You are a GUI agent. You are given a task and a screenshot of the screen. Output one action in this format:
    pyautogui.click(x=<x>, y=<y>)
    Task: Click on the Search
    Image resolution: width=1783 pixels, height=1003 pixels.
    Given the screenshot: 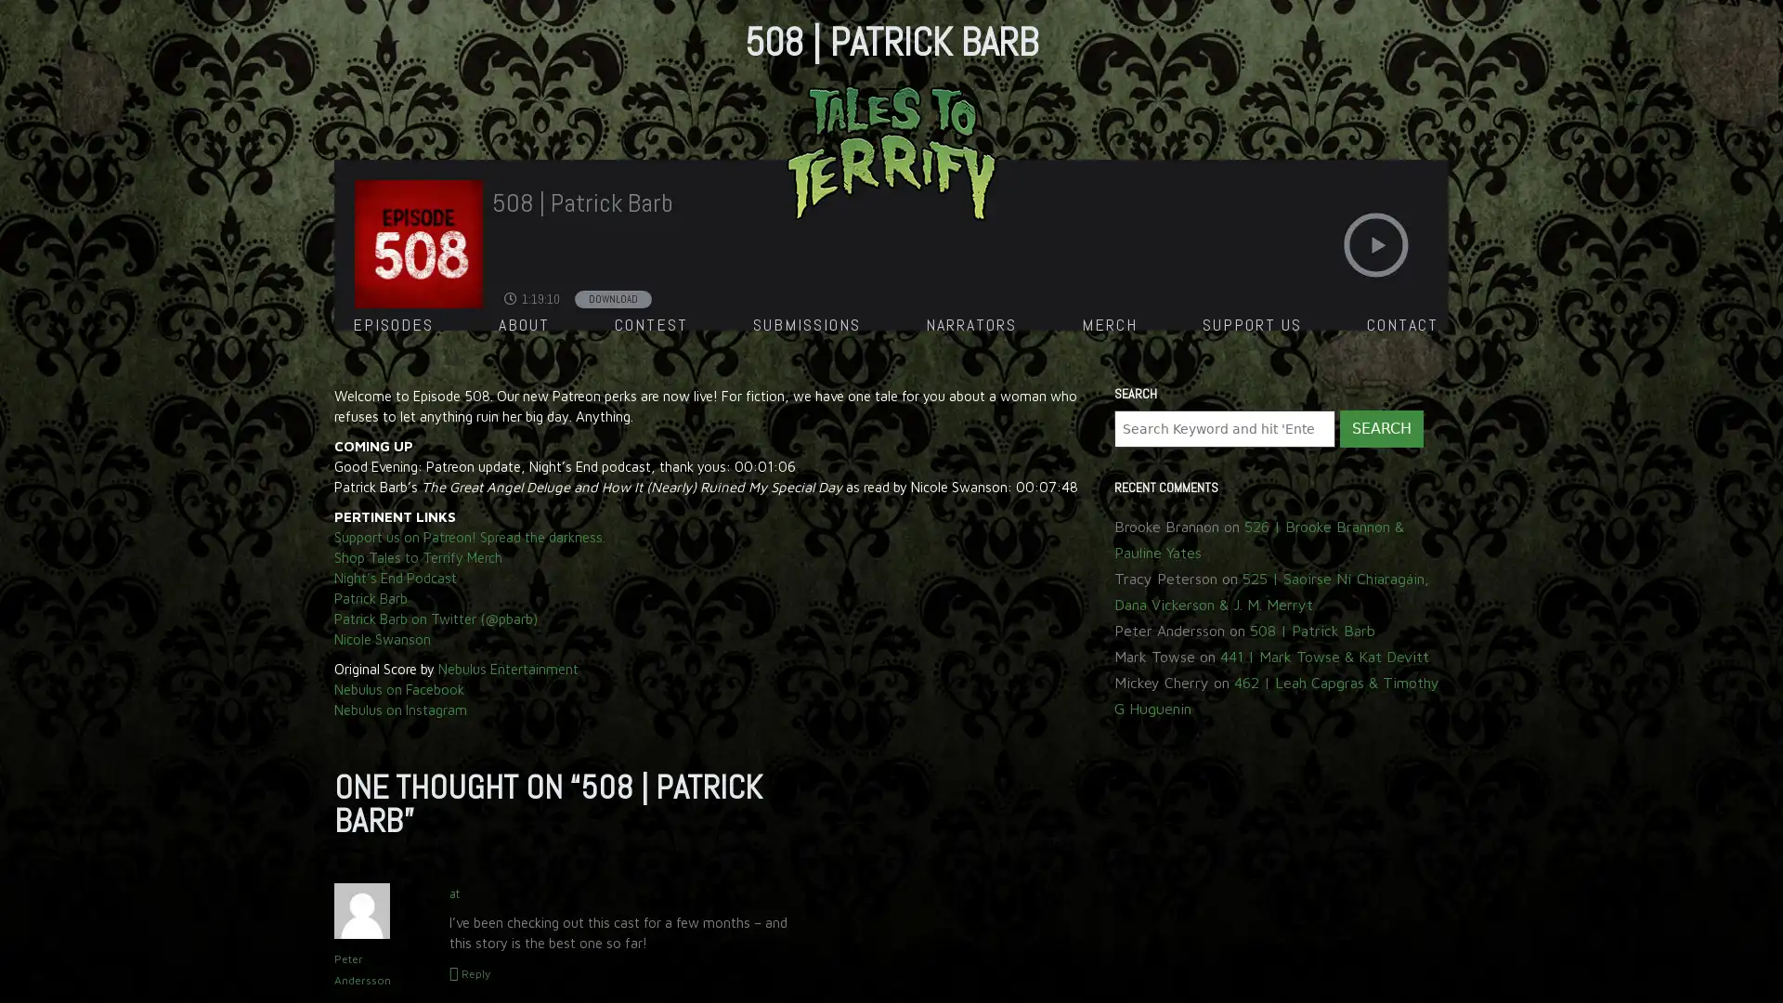 What is the action you would take?
    pyautogui.click(x=1381, y=429)
    